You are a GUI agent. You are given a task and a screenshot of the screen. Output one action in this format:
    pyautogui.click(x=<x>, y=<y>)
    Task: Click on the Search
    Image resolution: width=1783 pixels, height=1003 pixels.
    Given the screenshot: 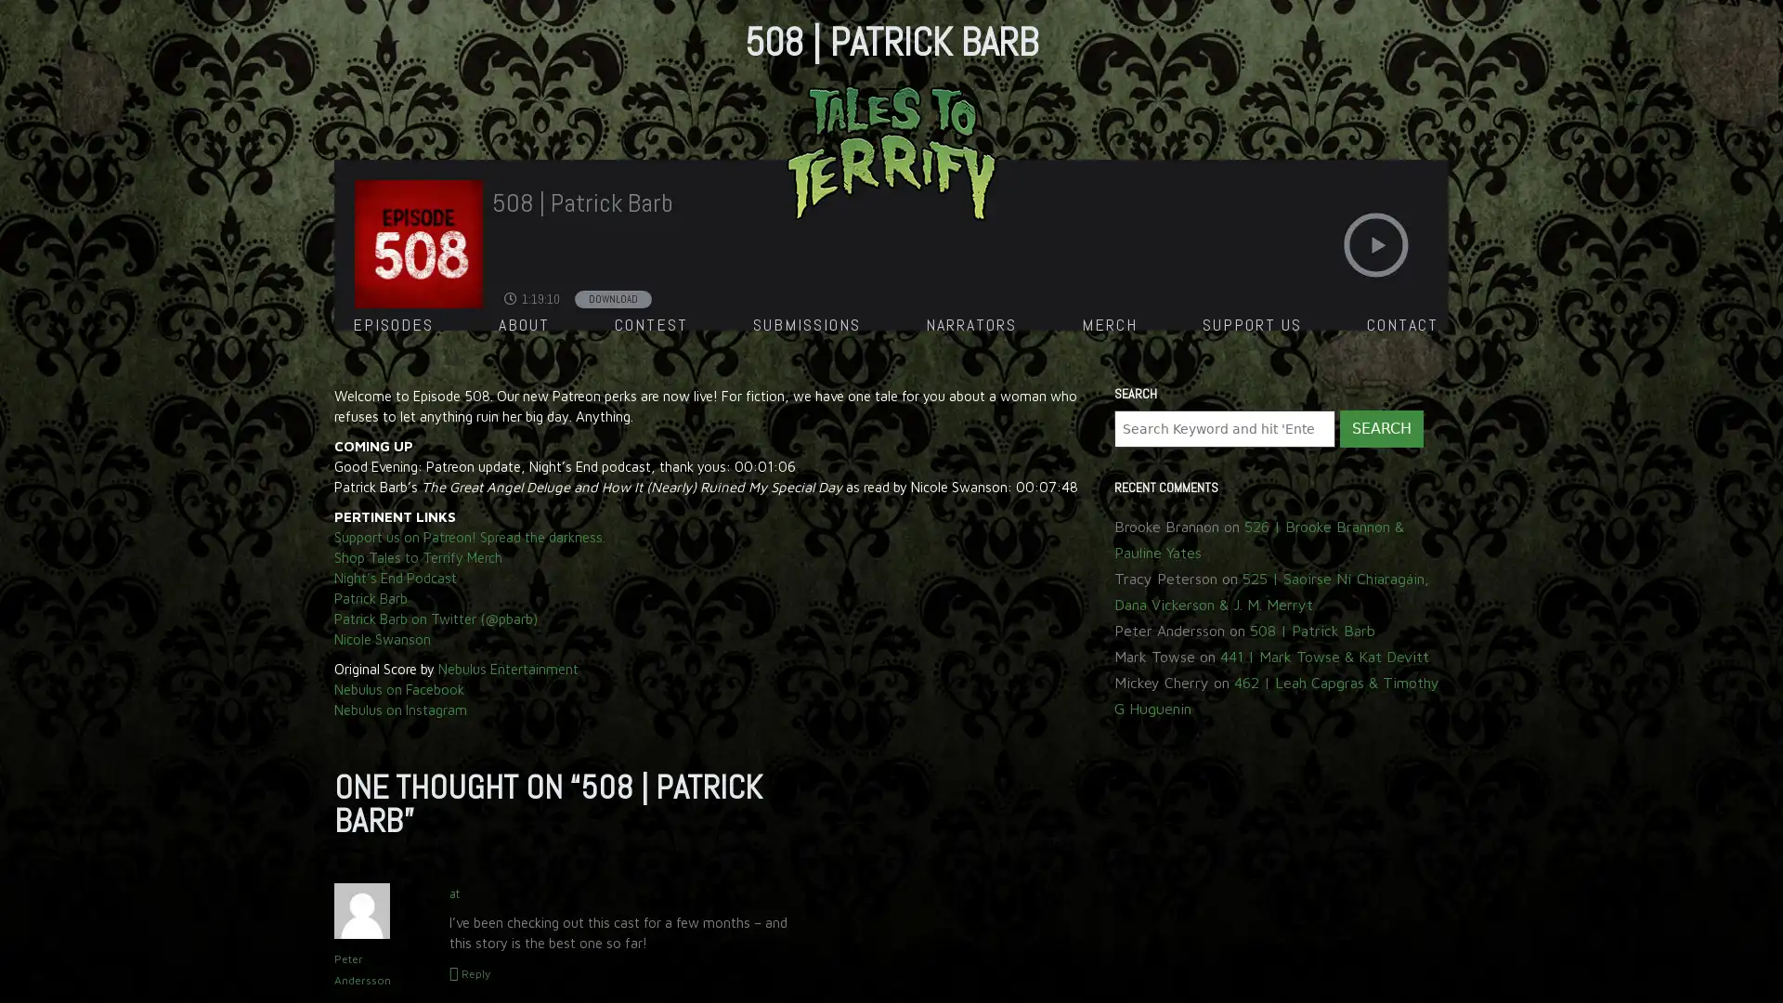 What is the action you would take?
    pyautogui.click(x=1381, y=429)
    